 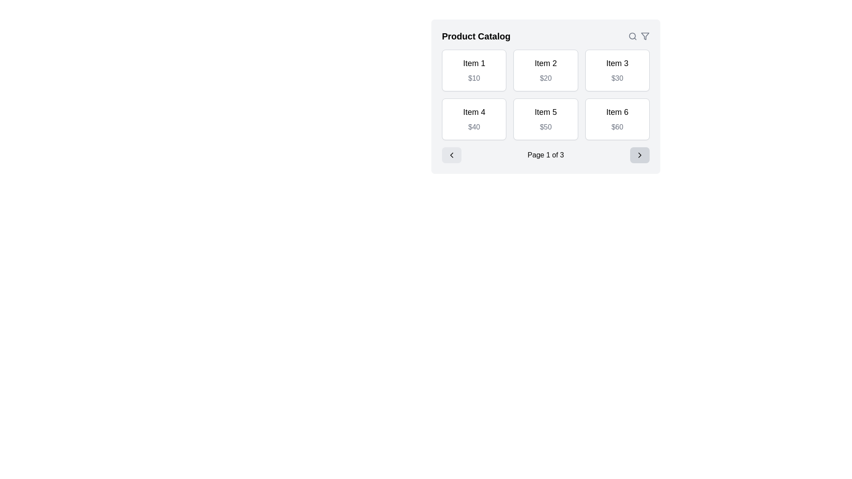 What do you see at coordinates (639, 155) in the screenshot?
I see `the rightmost navigation button located below the product grid to proceed to the next page` at bounding box center [639, 155].